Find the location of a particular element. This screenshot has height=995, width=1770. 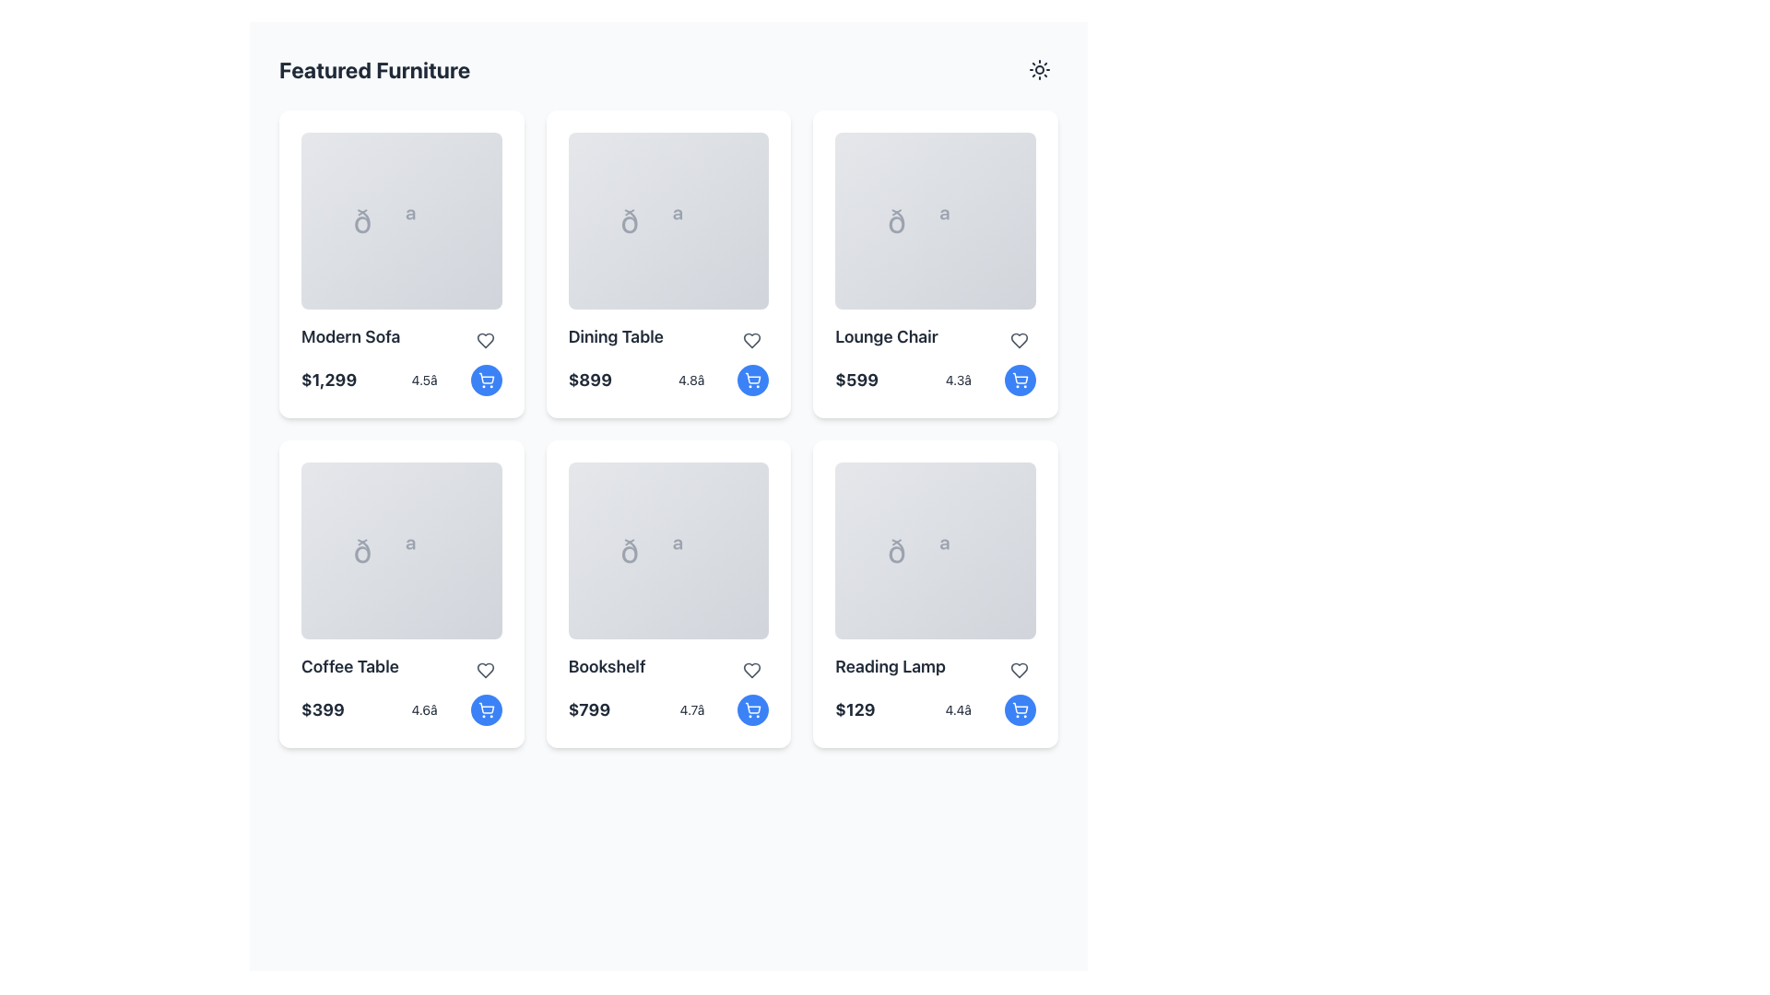

the 'Favorite' button in the top-right corner of the 'Modern Sofa' card to mark it as a favorite is located at coordinates (485, 341).